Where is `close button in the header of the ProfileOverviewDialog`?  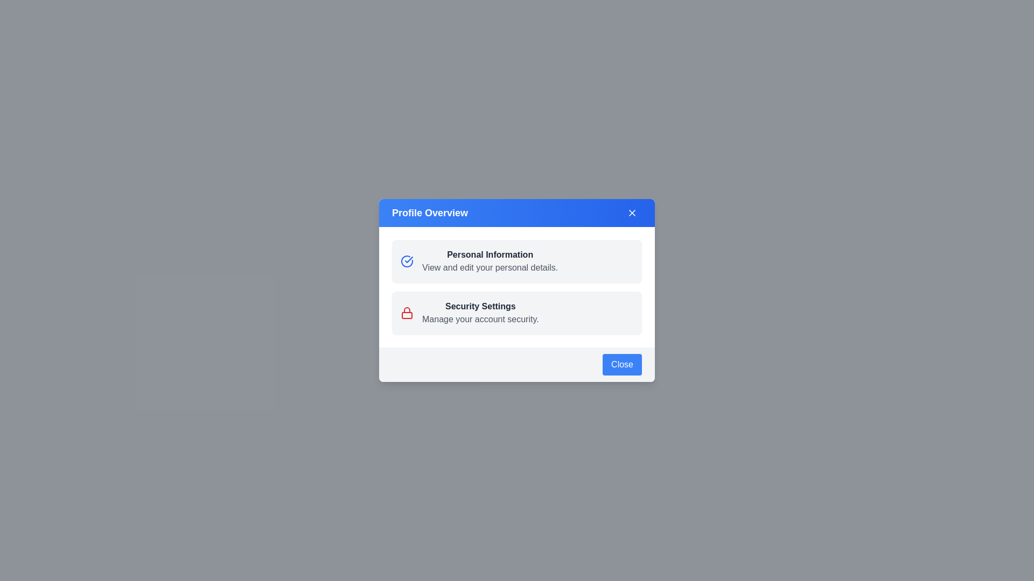
close button in the header of the ProfileOverviewDialog is located at coordinates (632, 213).